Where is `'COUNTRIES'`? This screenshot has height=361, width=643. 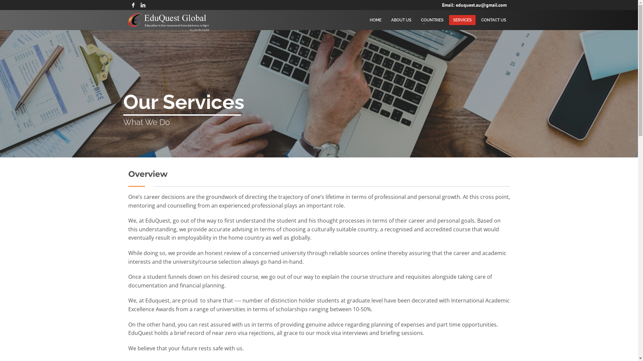
'COUNTRIES' is located at coordinates (432, 20).